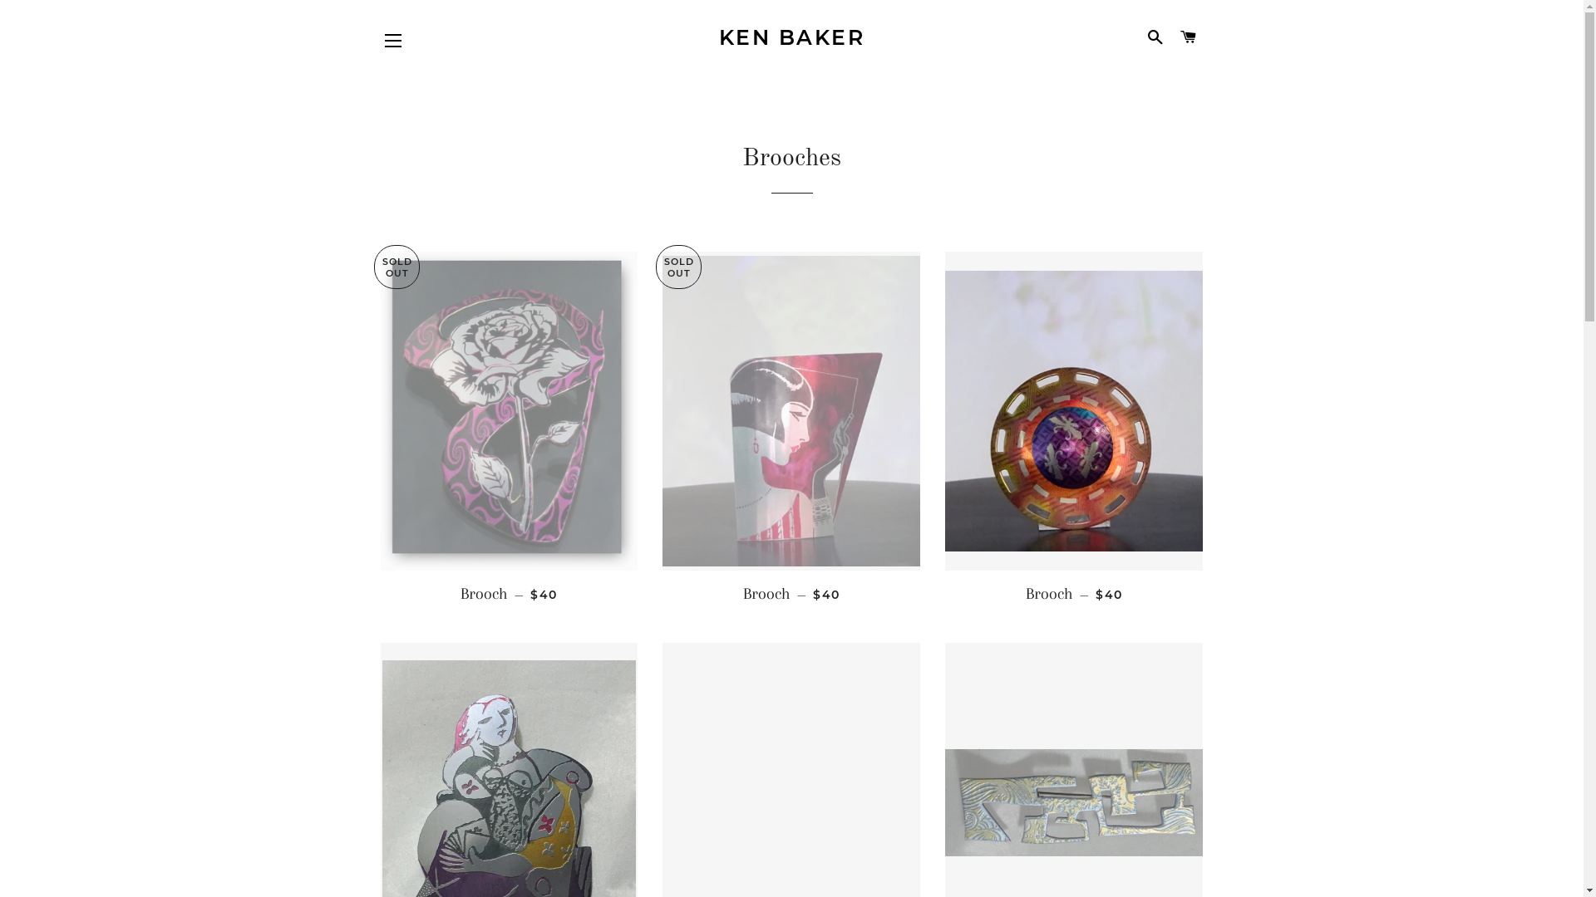  What do you see at coordinates (1187, 37) in the screenshot?
I see `'CART'` at bounding box center [1187, 37].